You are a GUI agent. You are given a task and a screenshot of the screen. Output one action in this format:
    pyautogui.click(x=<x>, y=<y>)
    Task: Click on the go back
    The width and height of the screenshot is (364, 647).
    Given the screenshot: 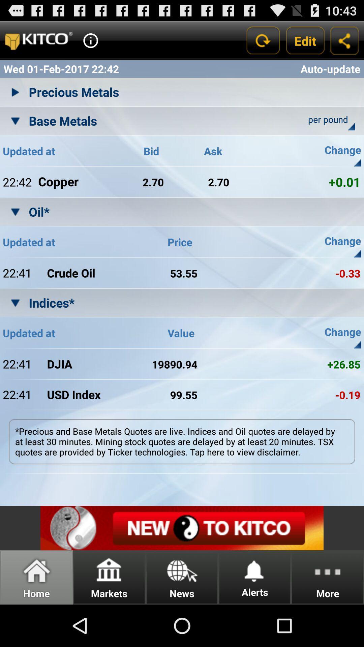 What is the action you would take?
    pyautogui.click(x=262, y=40)
    